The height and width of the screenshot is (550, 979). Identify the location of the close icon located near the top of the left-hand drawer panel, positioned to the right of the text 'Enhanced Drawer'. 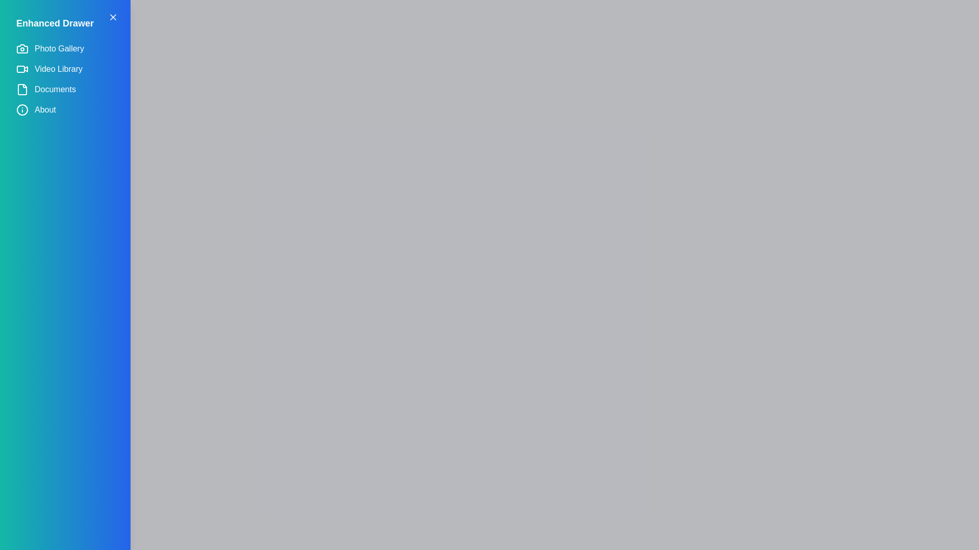
(113, 17).